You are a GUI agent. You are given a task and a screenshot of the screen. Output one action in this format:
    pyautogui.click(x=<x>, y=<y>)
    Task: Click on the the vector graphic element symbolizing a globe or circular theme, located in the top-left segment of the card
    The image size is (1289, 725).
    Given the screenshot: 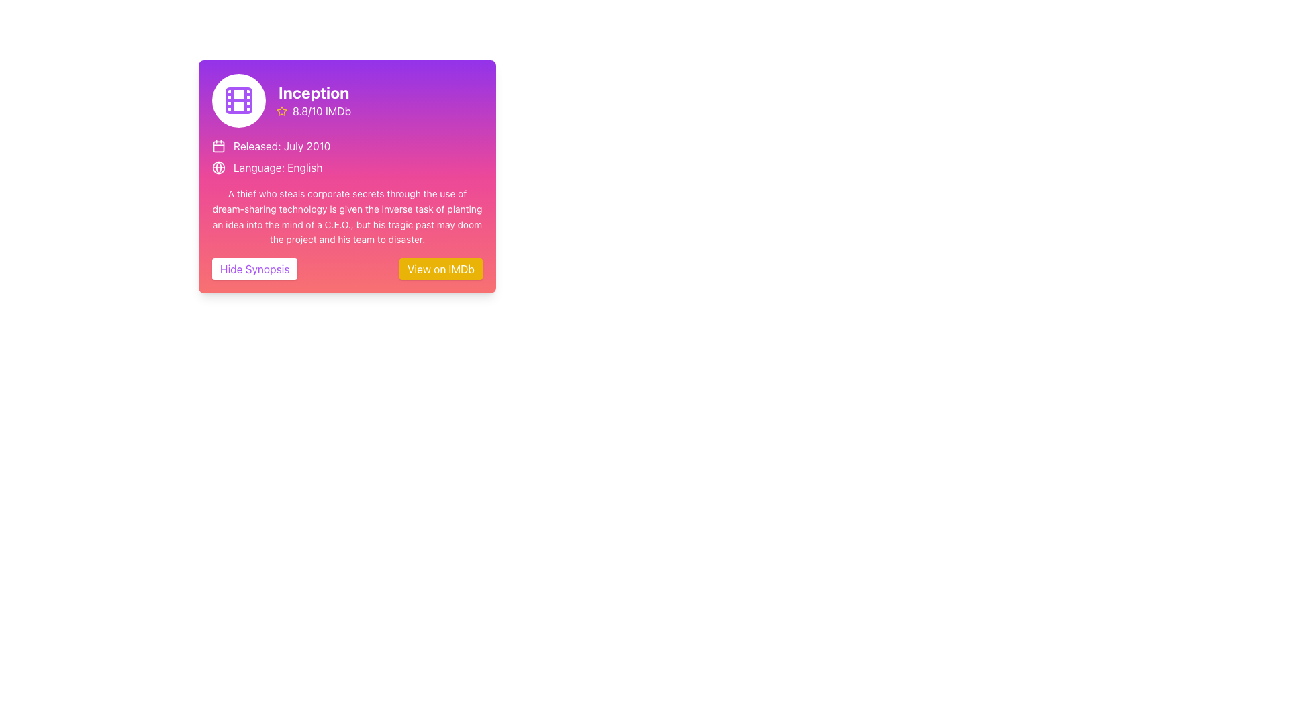 What is the action you would take?
    pyautogui.click(x=219, y=167)
    